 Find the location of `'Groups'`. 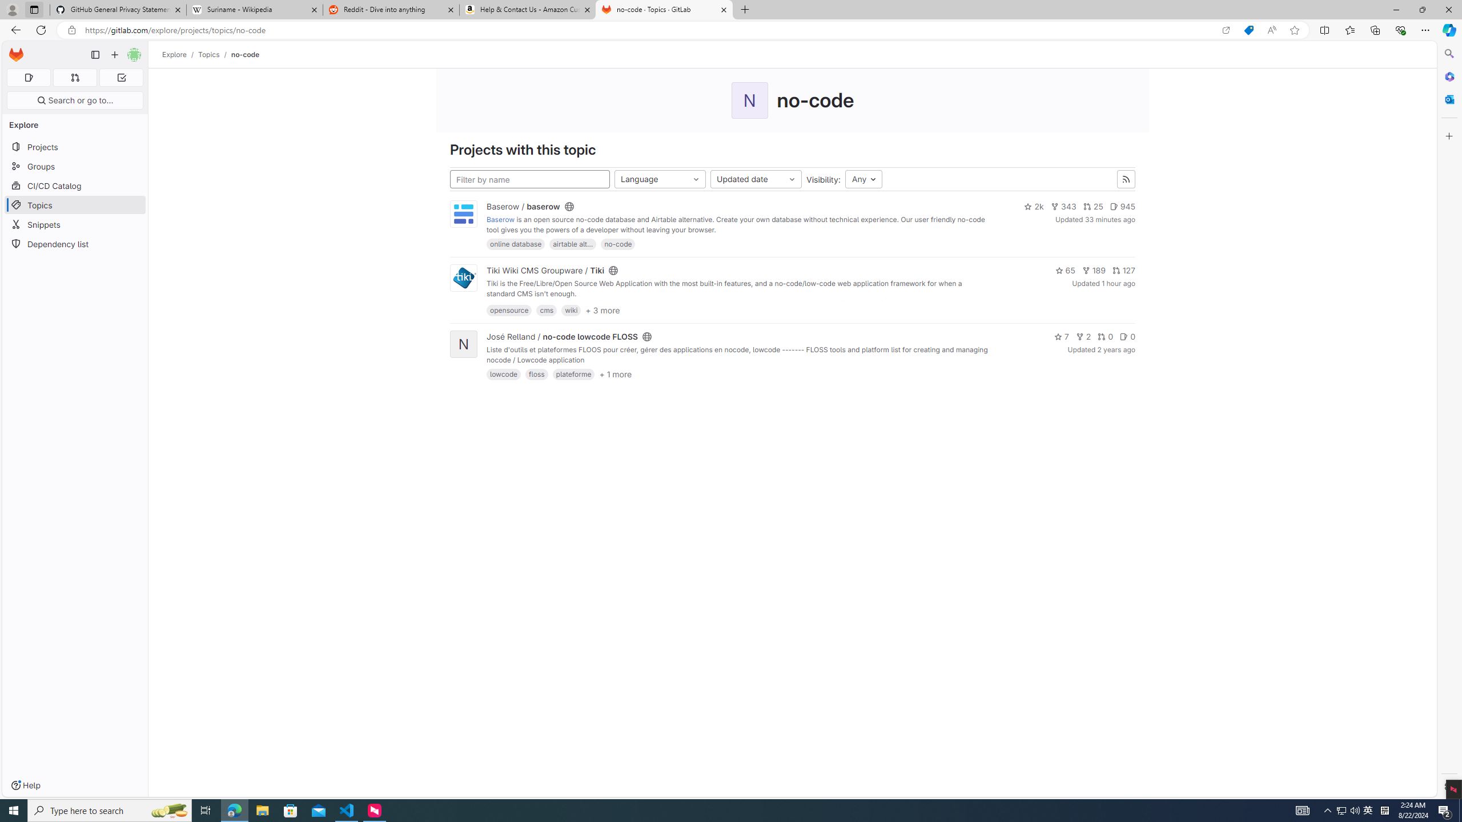

'Groups' is located at coordinates (74, 166).